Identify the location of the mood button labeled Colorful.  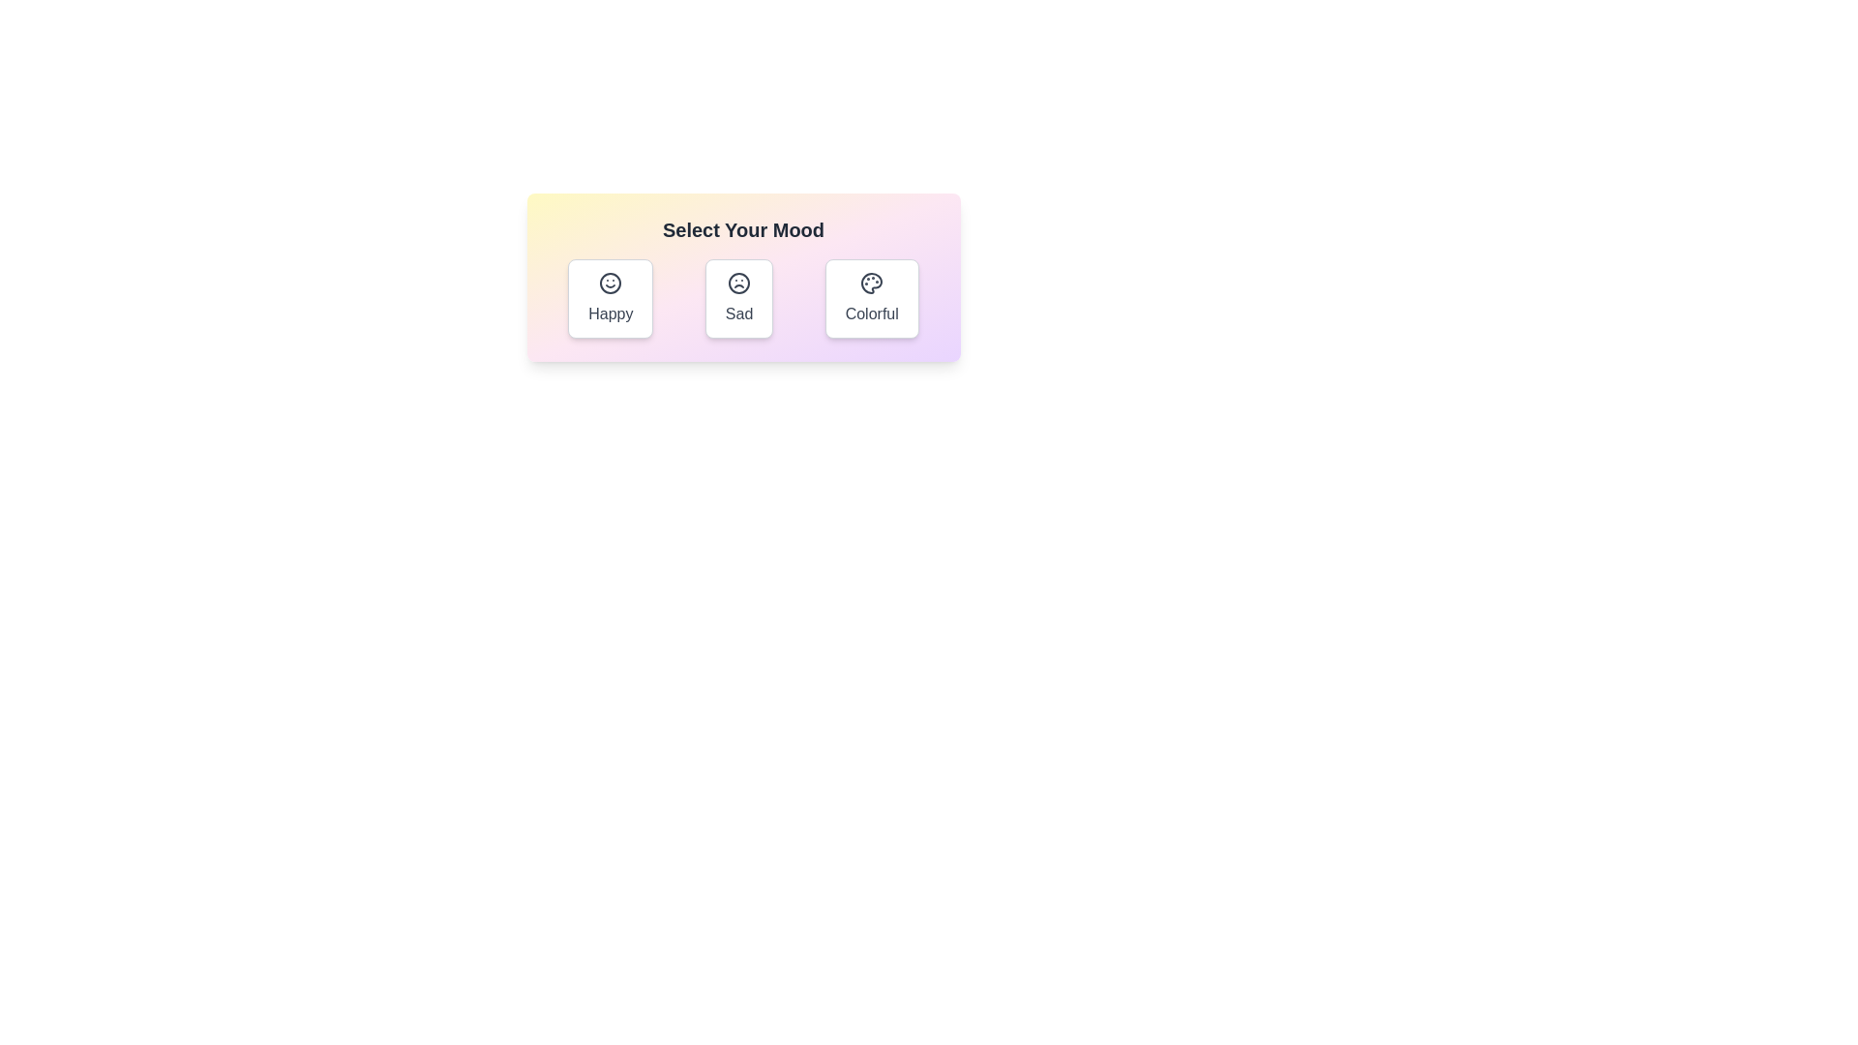
(871, 298).